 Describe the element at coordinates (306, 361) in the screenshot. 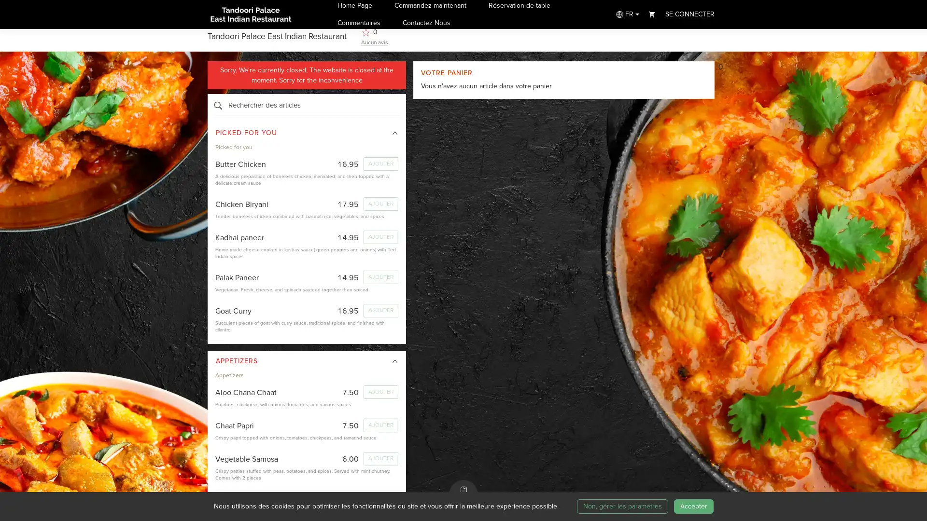

I see `icon: right APPETIZERS` at that location.